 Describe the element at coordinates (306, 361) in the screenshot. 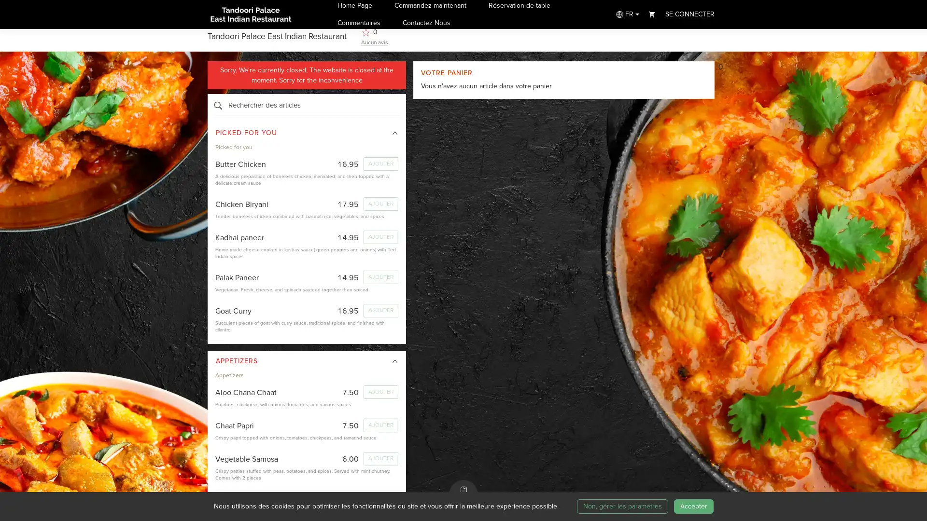

I see `icon: right APPETIZERS` at that location.